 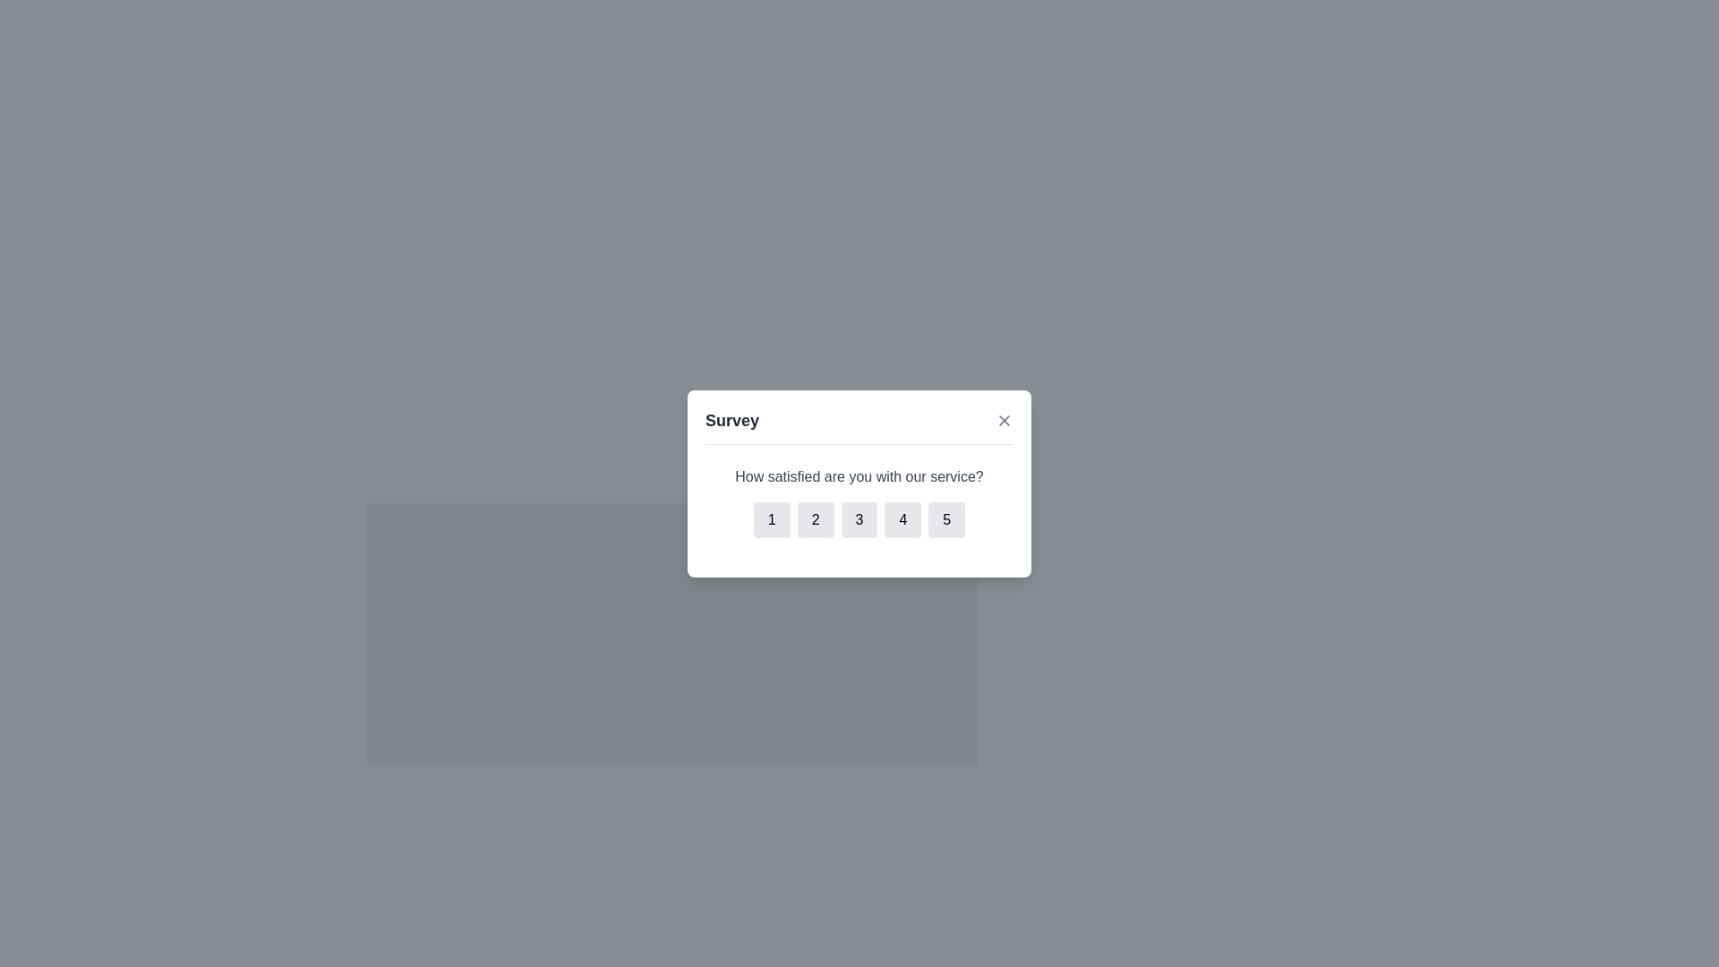 What do you see at coordinates (859, 501) in the screenshot?
I see `the interactive rating buttons in the modal dialogue box` at bounding box center [859, 501].